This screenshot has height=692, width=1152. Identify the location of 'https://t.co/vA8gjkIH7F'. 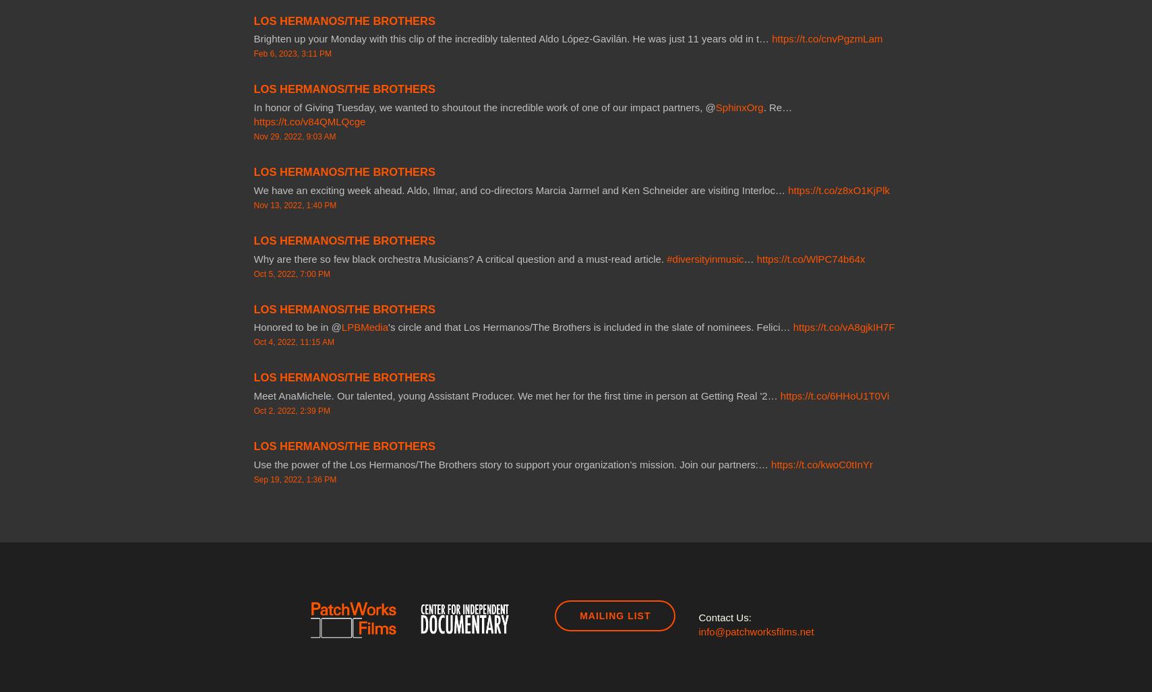
(792, 327).